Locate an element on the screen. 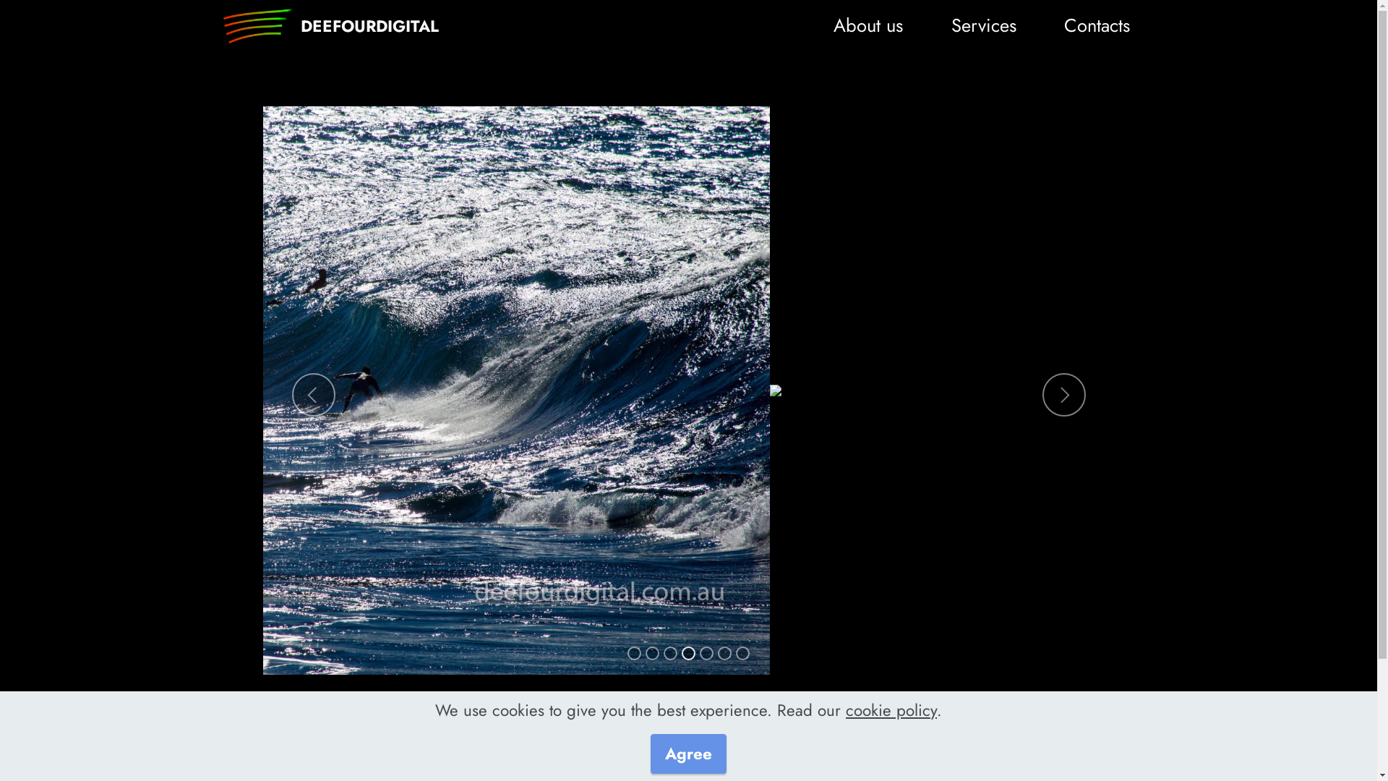  'Next' is located at coordinates (1042, 395).